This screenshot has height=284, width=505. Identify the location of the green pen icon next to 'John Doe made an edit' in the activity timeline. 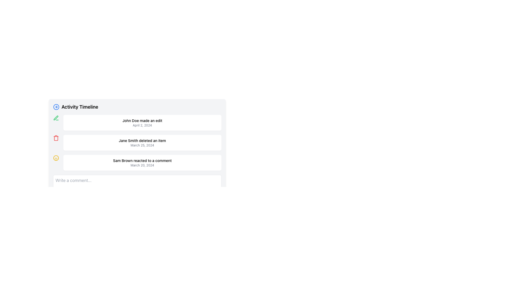
(56, 118).